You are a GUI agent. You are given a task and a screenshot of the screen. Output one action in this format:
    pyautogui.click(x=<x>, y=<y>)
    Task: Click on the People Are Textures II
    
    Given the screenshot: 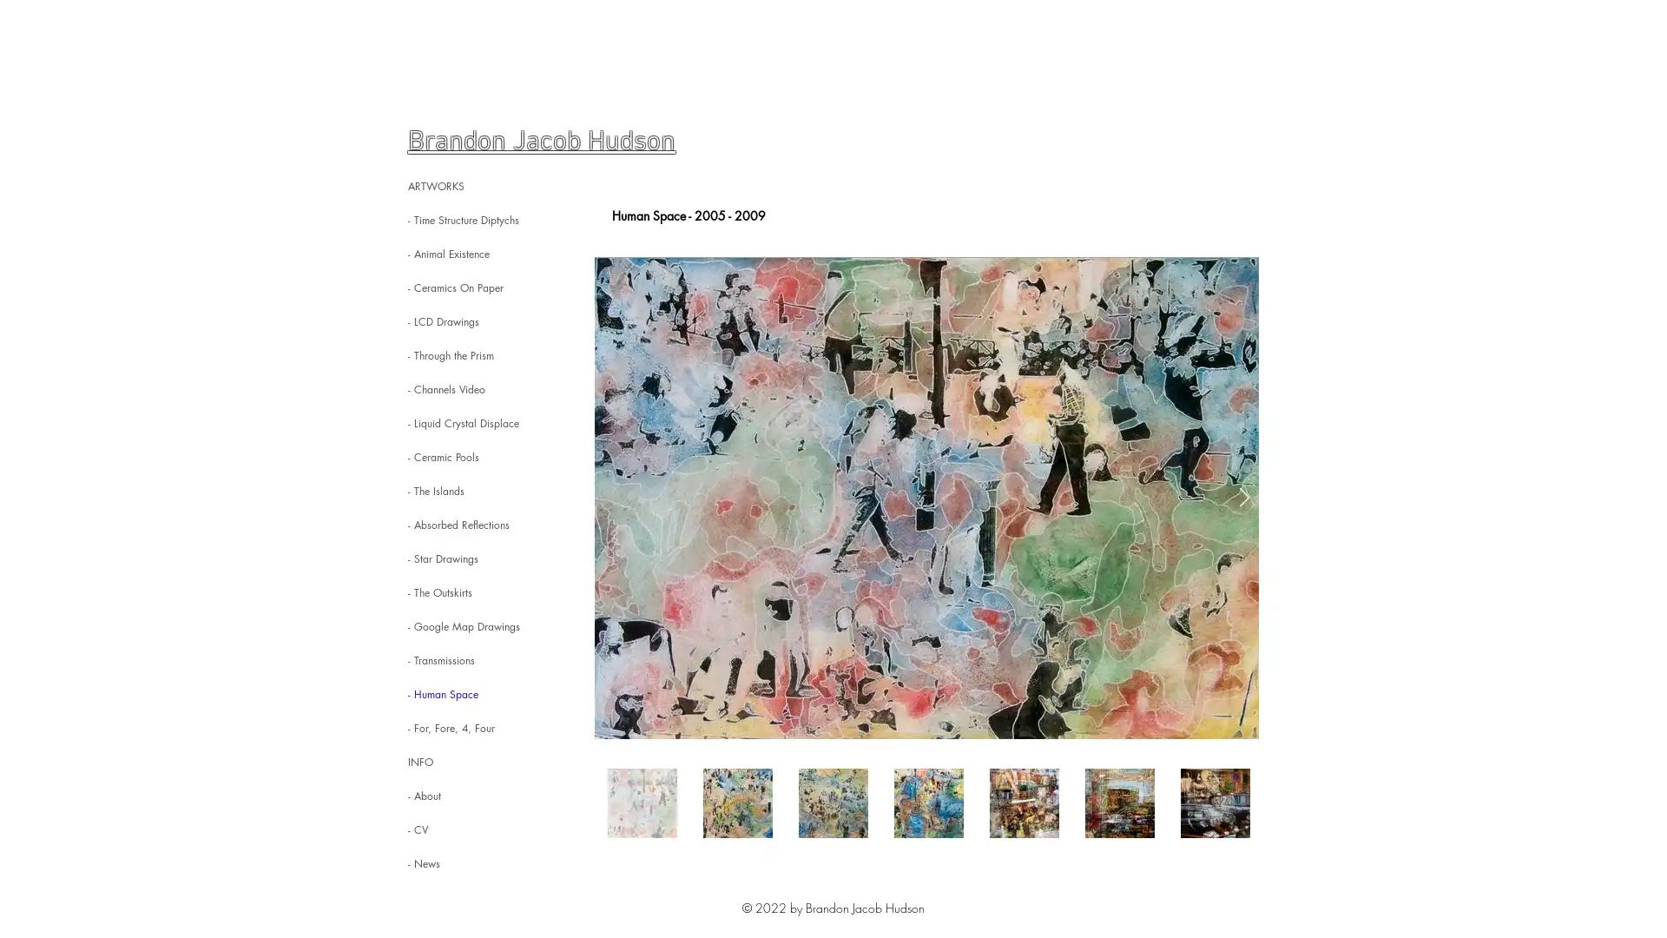 What is the action you would take?
    pyautogui.click(x=926, y=498)
    